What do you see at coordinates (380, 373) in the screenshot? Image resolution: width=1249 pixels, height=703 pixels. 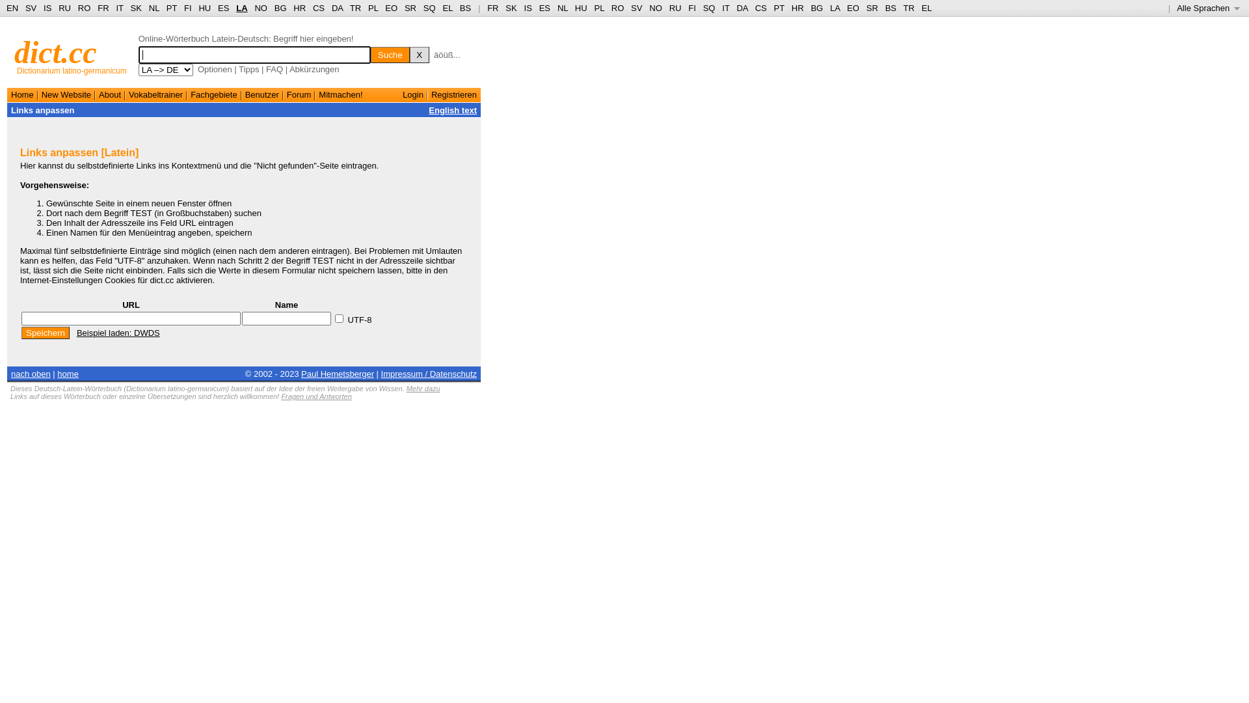 I see `'Impressum / Datenschutz'` at bounding box center [380, 373].